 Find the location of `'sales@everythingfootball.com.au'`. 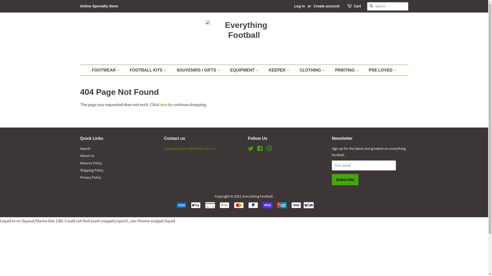

'sales@everythingfootball.com.au' is located at coordinates (189, 148).